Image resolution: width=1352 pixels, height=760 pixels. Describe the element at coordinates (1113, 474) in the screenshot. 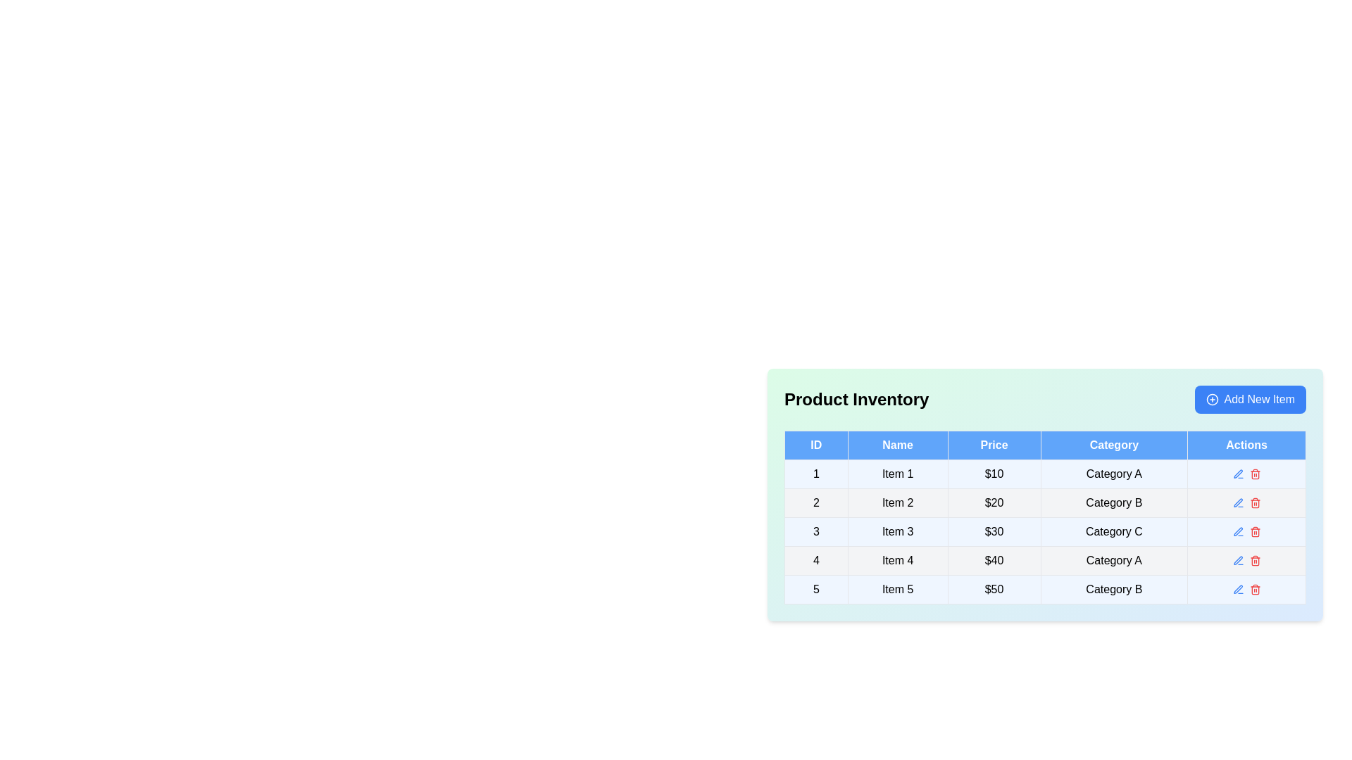

I see `the text label displaying 'Category A' in the fifth column of the first row of the product inventory table` at that location.